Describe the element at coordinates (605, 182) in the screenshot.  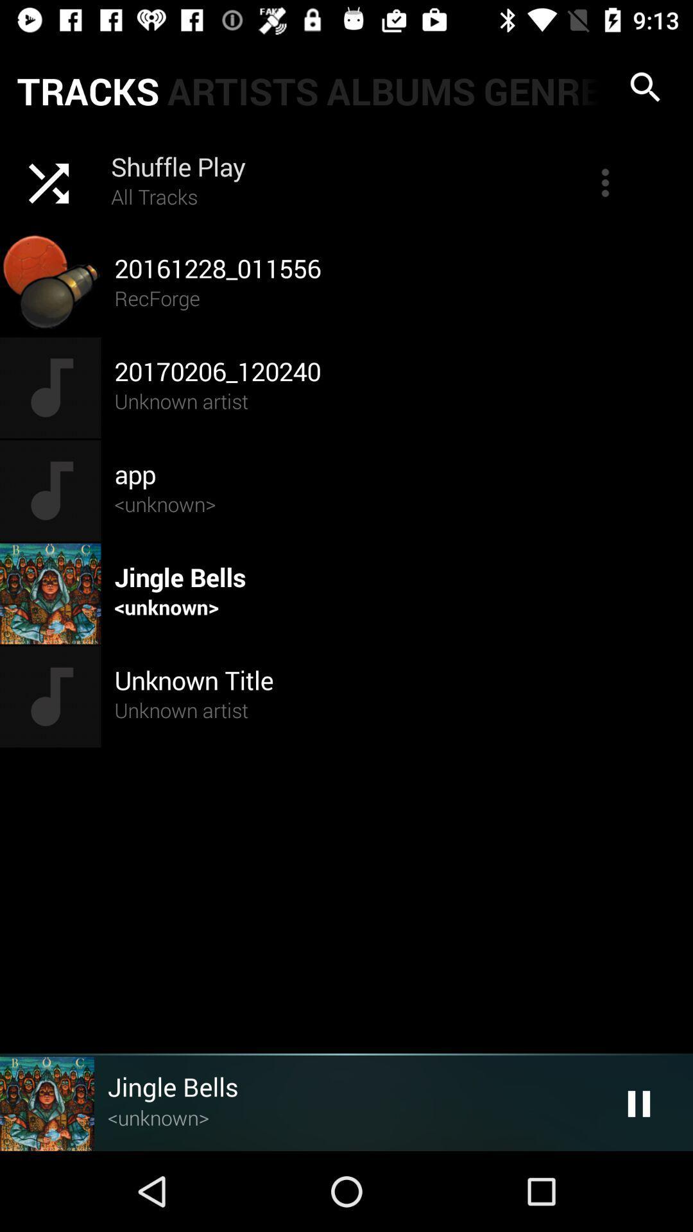
I see `display options` at that location.